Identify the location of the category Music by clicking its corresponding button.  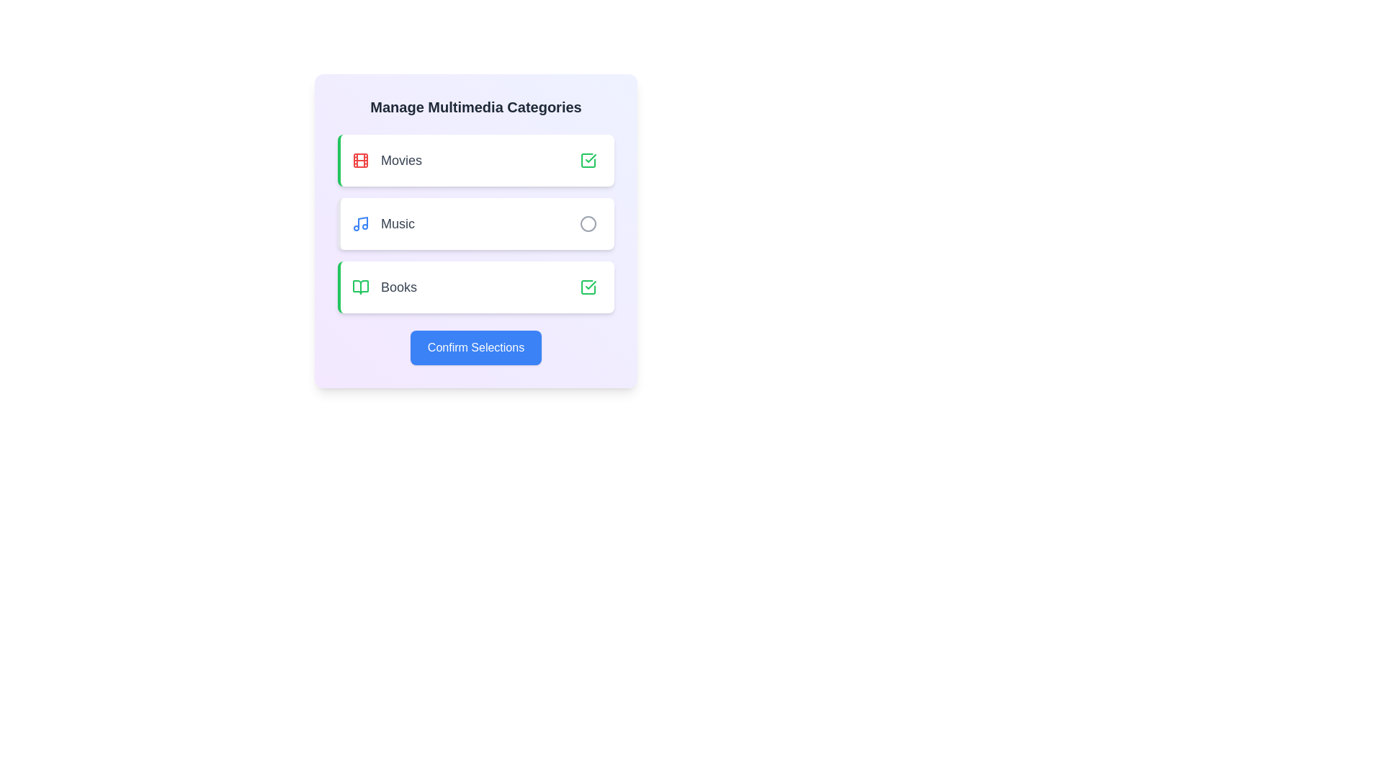
(588, 224).